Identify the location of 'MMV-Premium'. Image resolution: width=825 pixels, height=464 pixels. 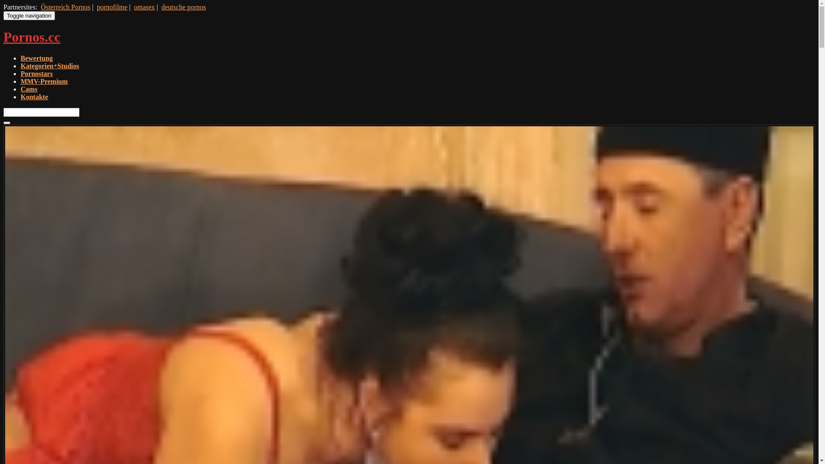
(43, 81).